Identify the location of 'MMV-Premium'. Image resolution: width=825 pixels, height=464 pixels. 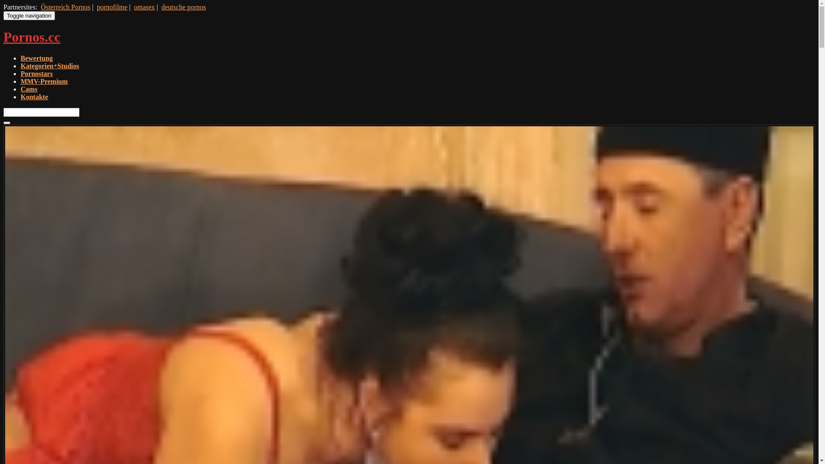
(43, 81).